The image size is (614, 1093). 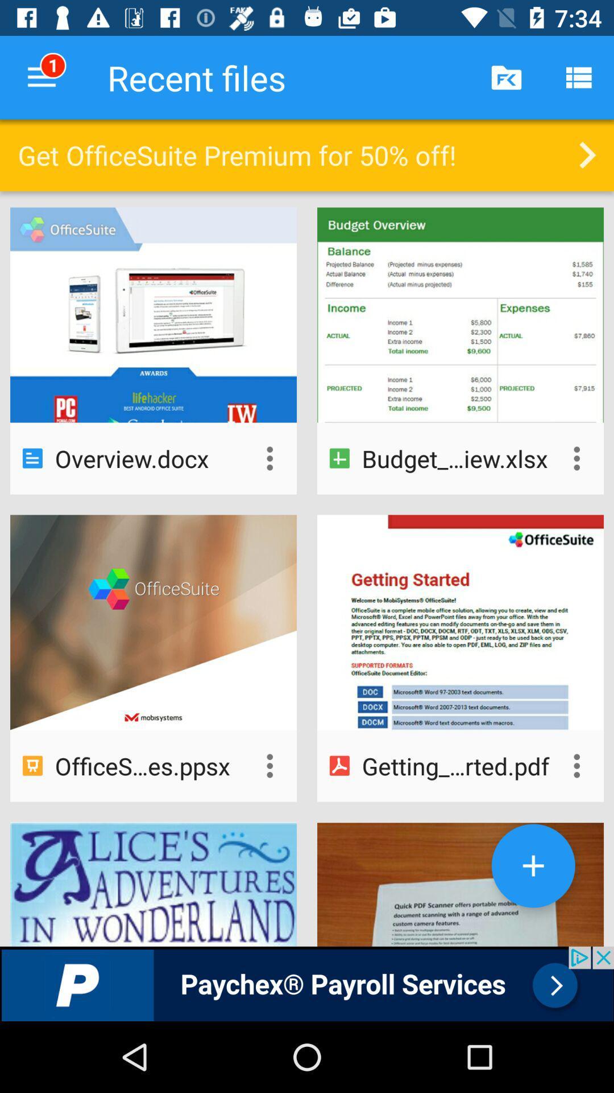 I want to click on adding button, so click(x=533, y=865).